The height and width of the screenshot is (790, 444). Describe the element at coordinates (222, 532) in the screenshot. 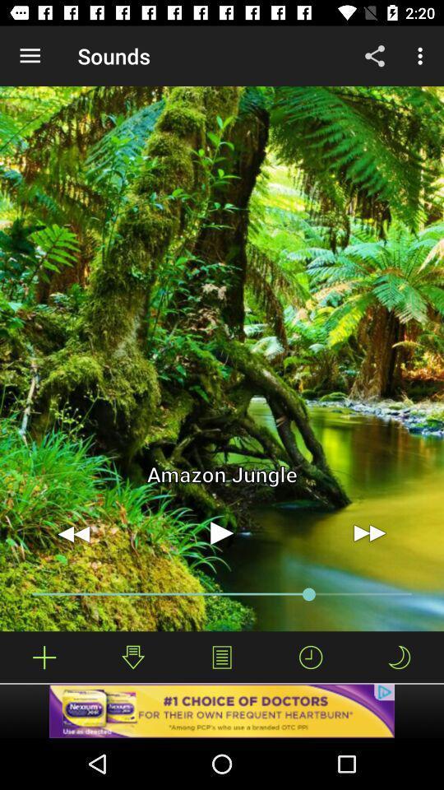

I see `to play the music` at that location.